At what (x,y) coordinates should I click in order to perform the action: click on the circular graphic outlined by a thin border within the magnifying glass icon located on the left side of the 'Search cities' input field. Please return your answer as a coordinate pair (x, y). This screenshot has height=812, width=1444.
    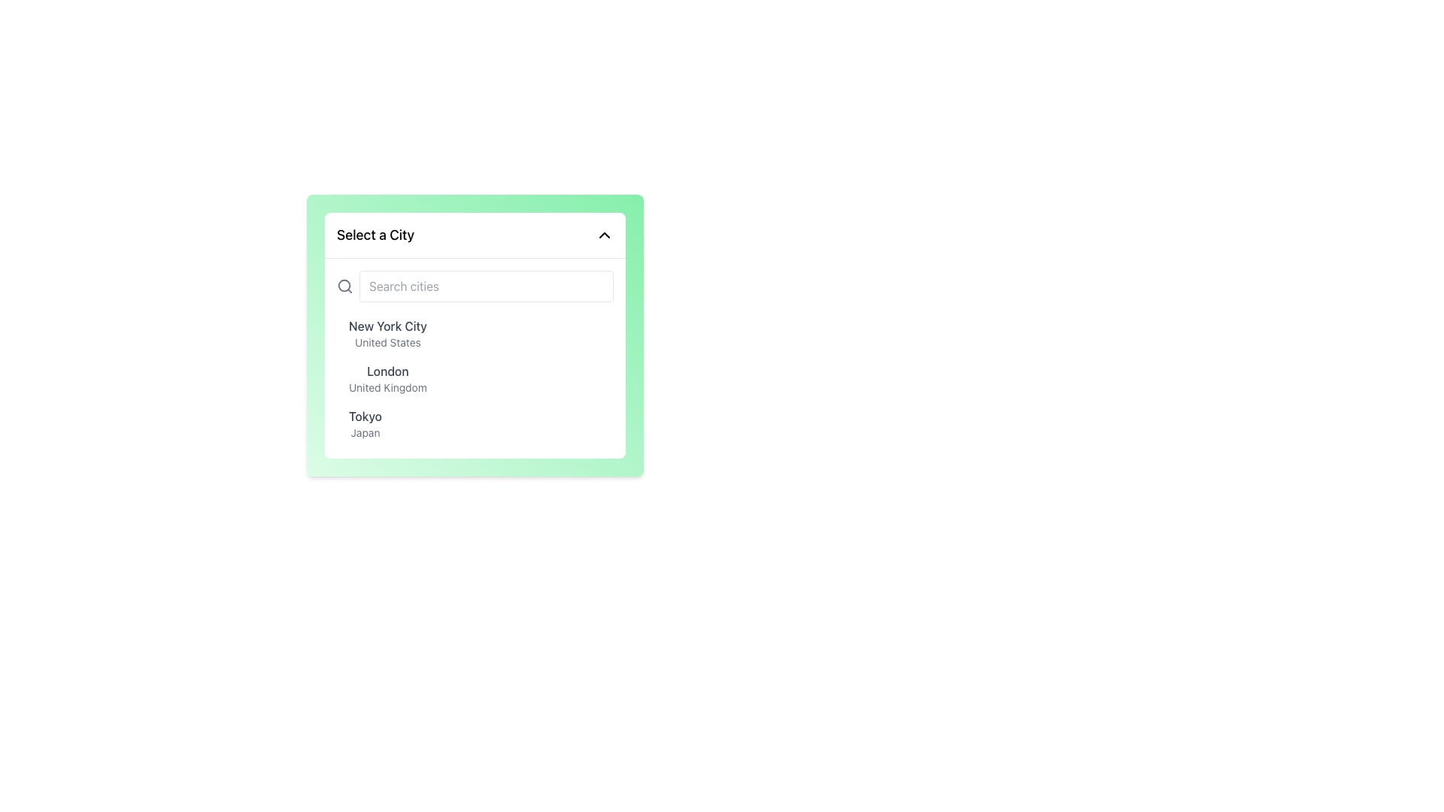
    Looking at the image, I should click on (344, 286).